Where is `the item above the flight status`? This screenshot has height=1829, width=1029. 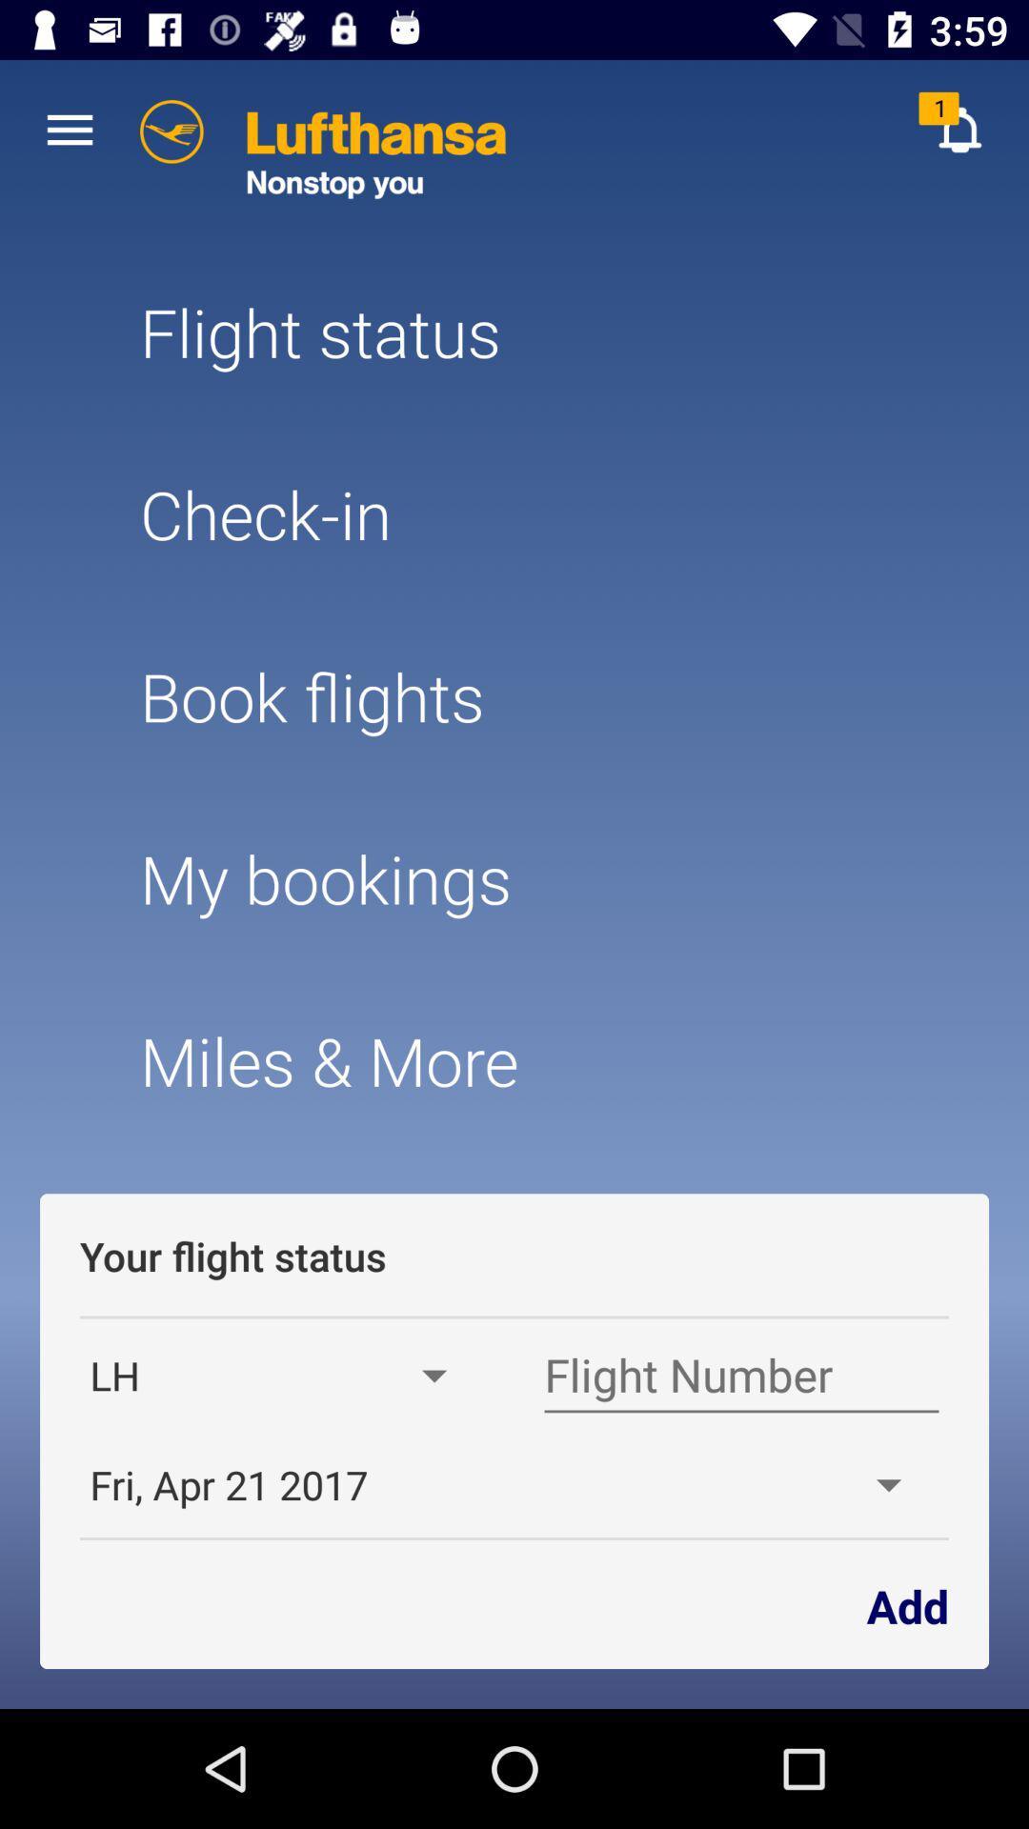
the item above the flight status is located at coordinates (958, 129).